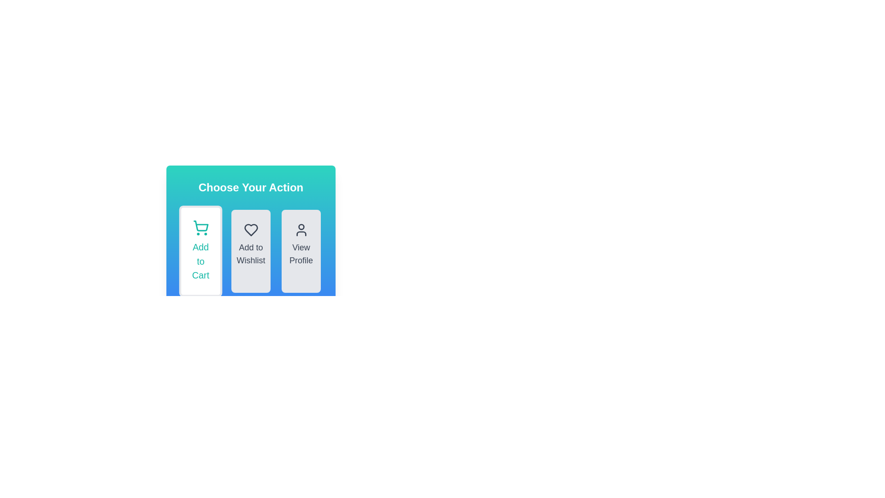  Describe the element at coordinates (251, 229) in the screenshot. I see `the heart-shaped icon within the 'Add to Wishlist' button, located at the top center of the button in the center panel` at that location.